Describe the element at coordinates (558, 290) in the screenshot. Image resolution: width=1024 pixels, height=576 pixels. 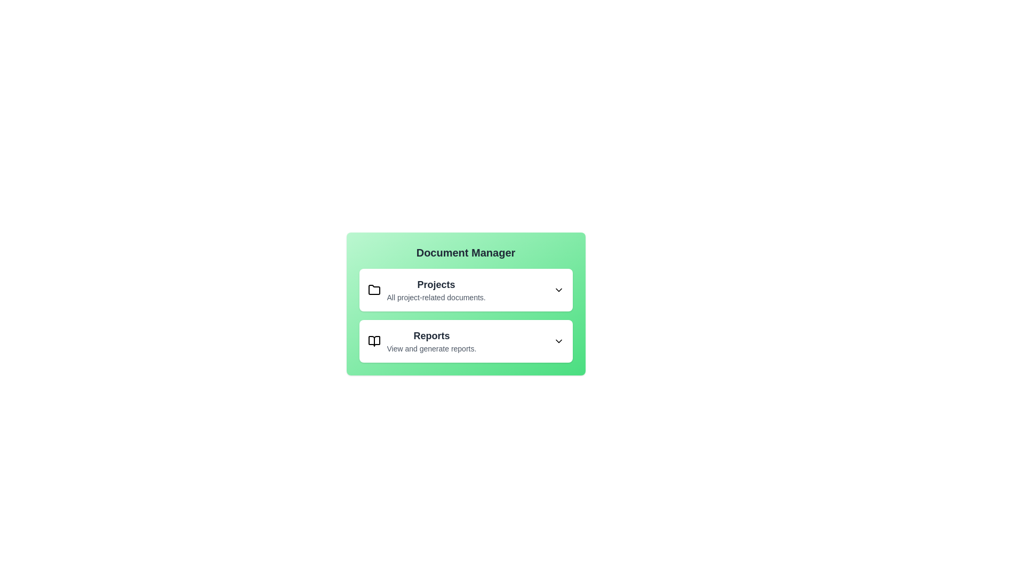
I see `the toggle button for the 'Projects' category to change its visibility` at that location.